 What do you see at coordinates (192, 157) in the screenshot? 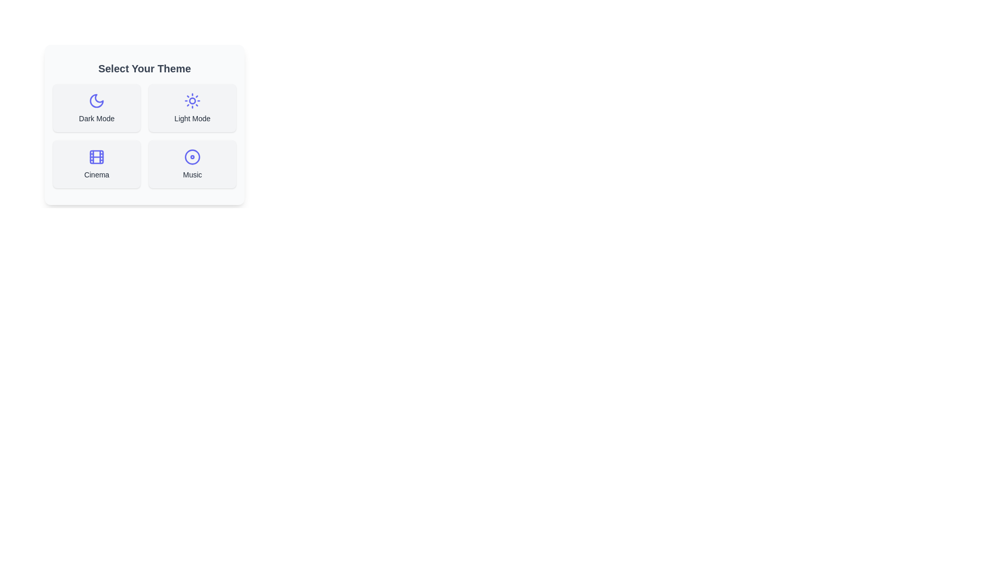
I see `the circular graphic element that represents the 'Music' theme, which is the outer ring of a disc icon` at bounding box center [192, 157].